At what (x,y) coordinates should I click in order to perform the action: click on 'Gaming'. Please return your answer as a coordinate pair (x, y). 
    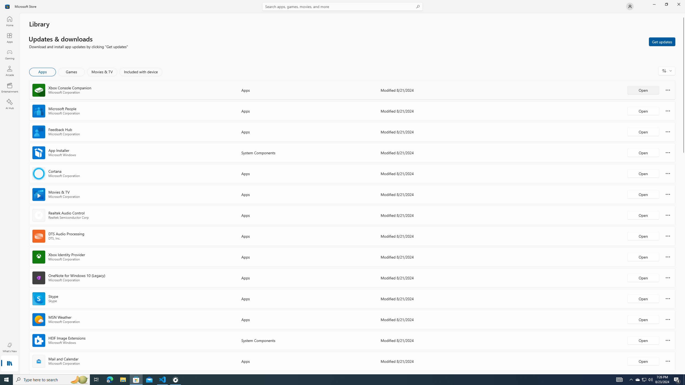
    Looking at the image, I should click on (9, 54).